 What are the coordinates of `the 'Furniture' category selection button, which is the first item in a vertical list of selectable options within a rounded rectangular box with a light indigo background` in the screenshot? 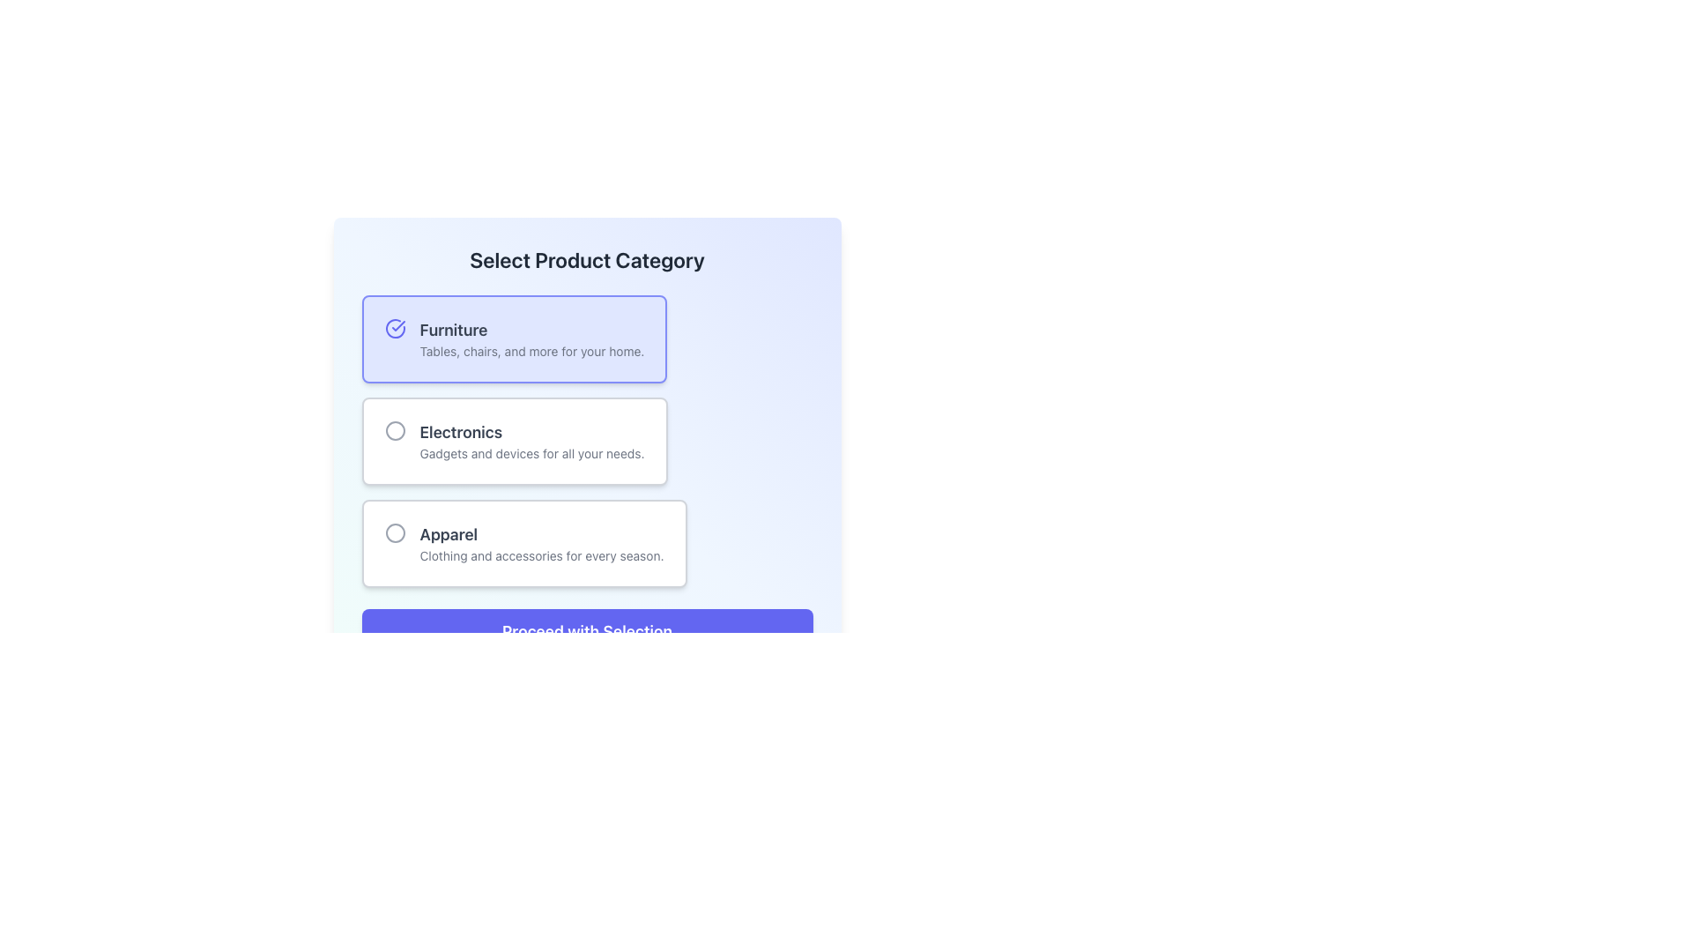 It's located at (531, 339).